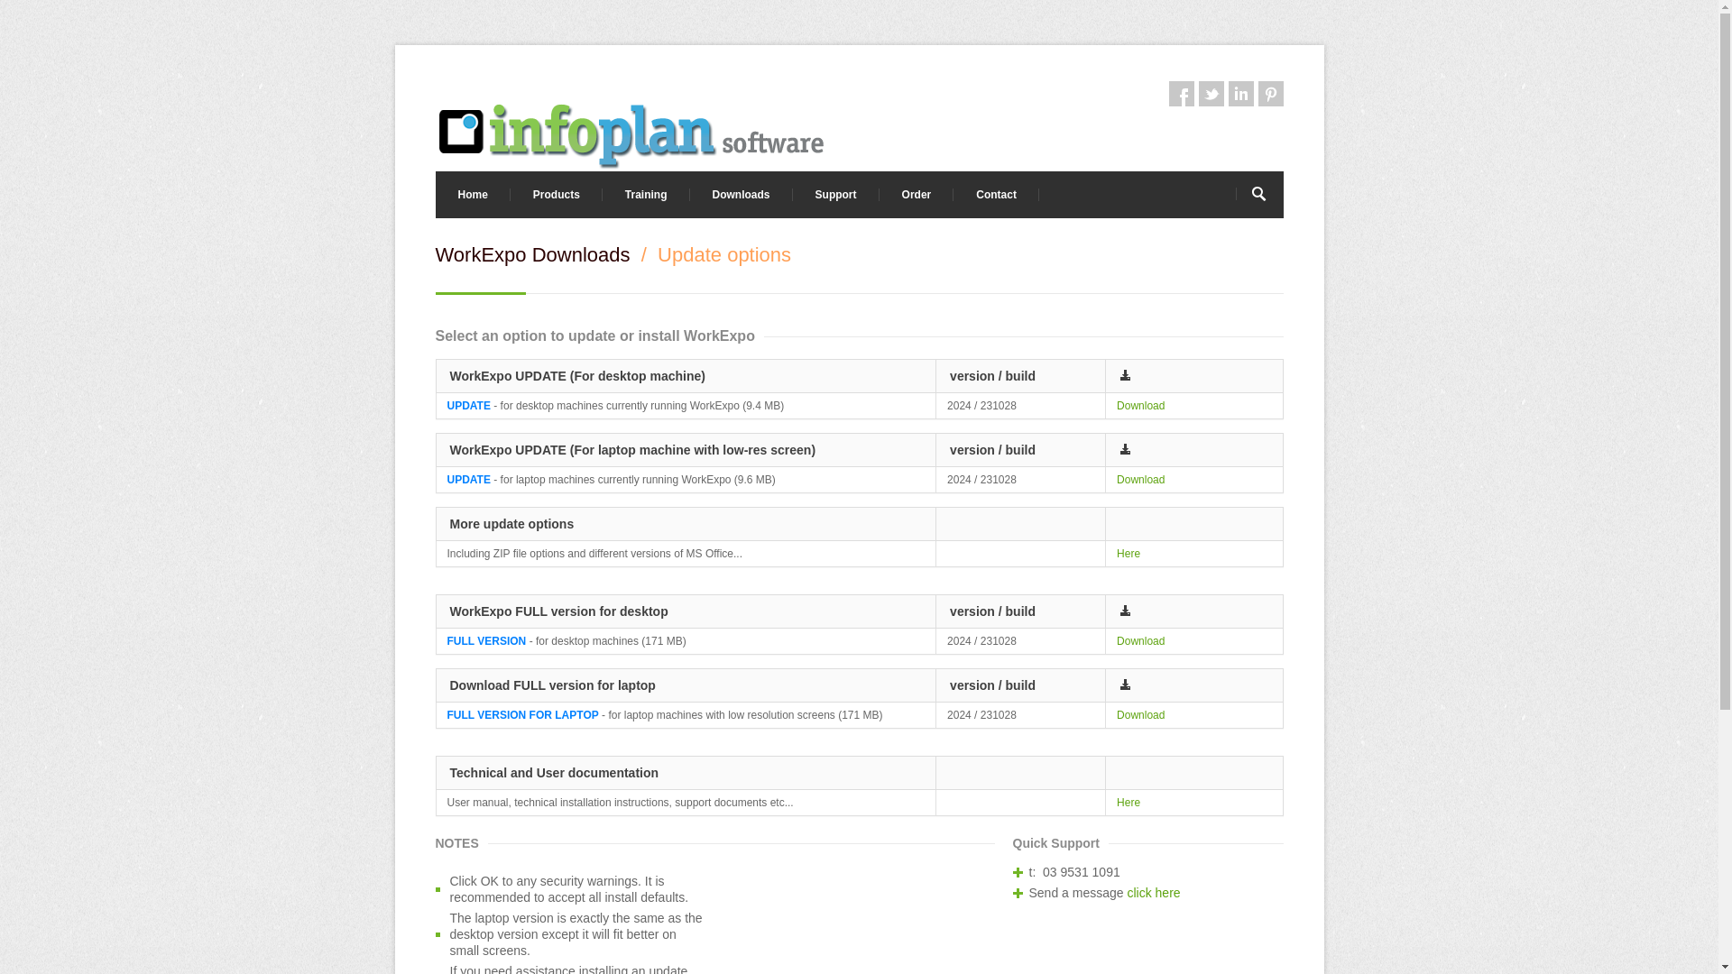  Describe the element at coordinates (1211, 94) in the screenshot. I see `'Twitter'` at that location.